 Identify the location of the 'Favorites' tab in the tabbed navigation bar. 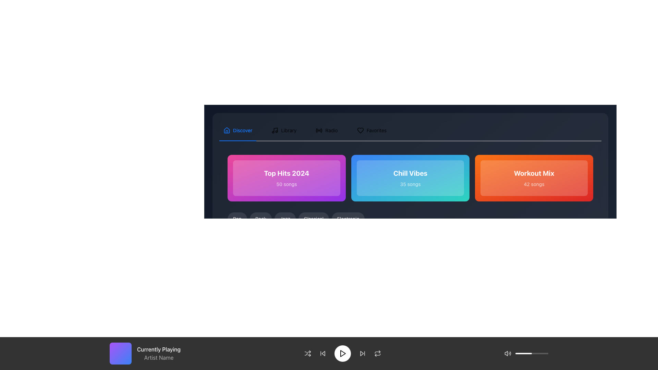
(371, 131).